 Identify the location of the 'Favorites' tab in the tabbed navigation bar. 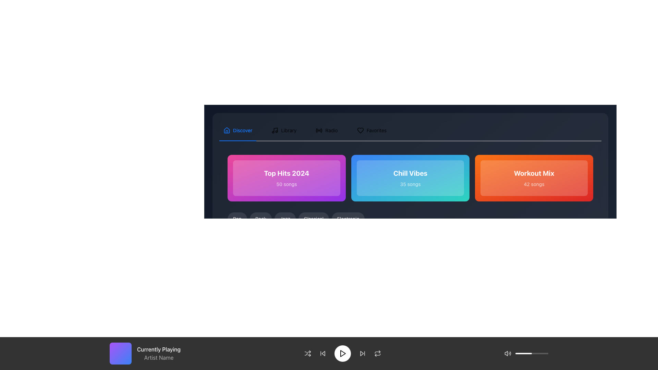
(371, 131).